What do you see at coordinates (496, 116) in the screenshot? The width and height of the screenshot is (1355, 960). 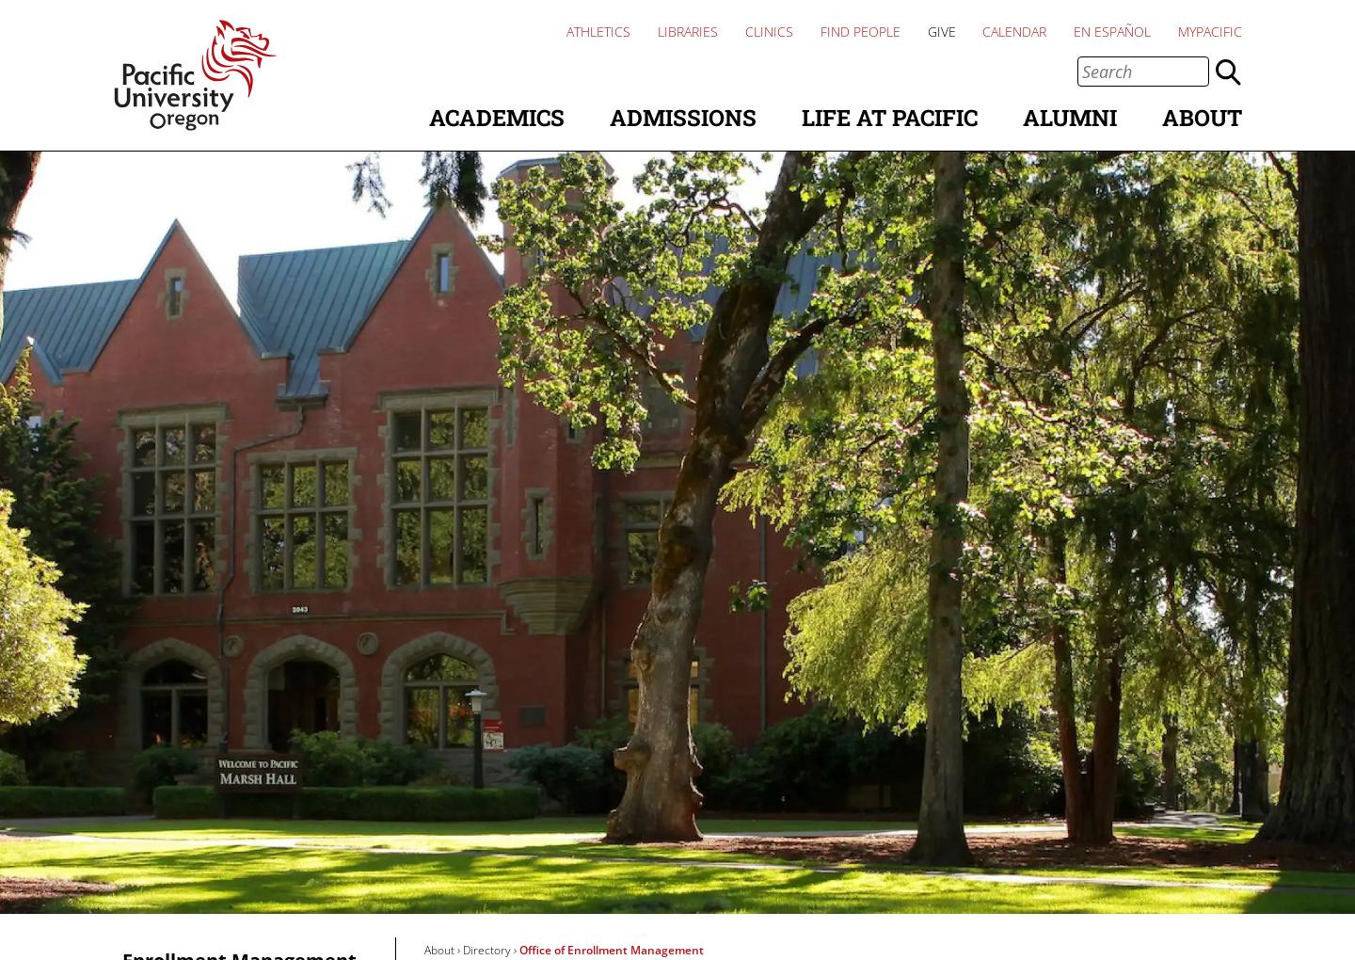 I see `'Academics'` at bounding box center [496, 116].